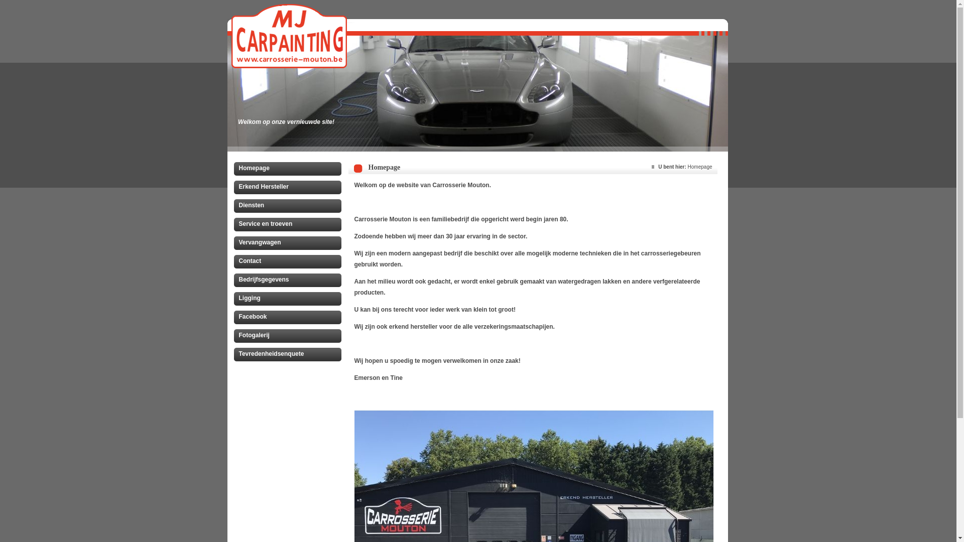 This screenshot has width=964, height=542. What do you see at coordinates (289, 226) in the screenshot?
I see `'Service en troeven'` at bounding box center [289, 226].